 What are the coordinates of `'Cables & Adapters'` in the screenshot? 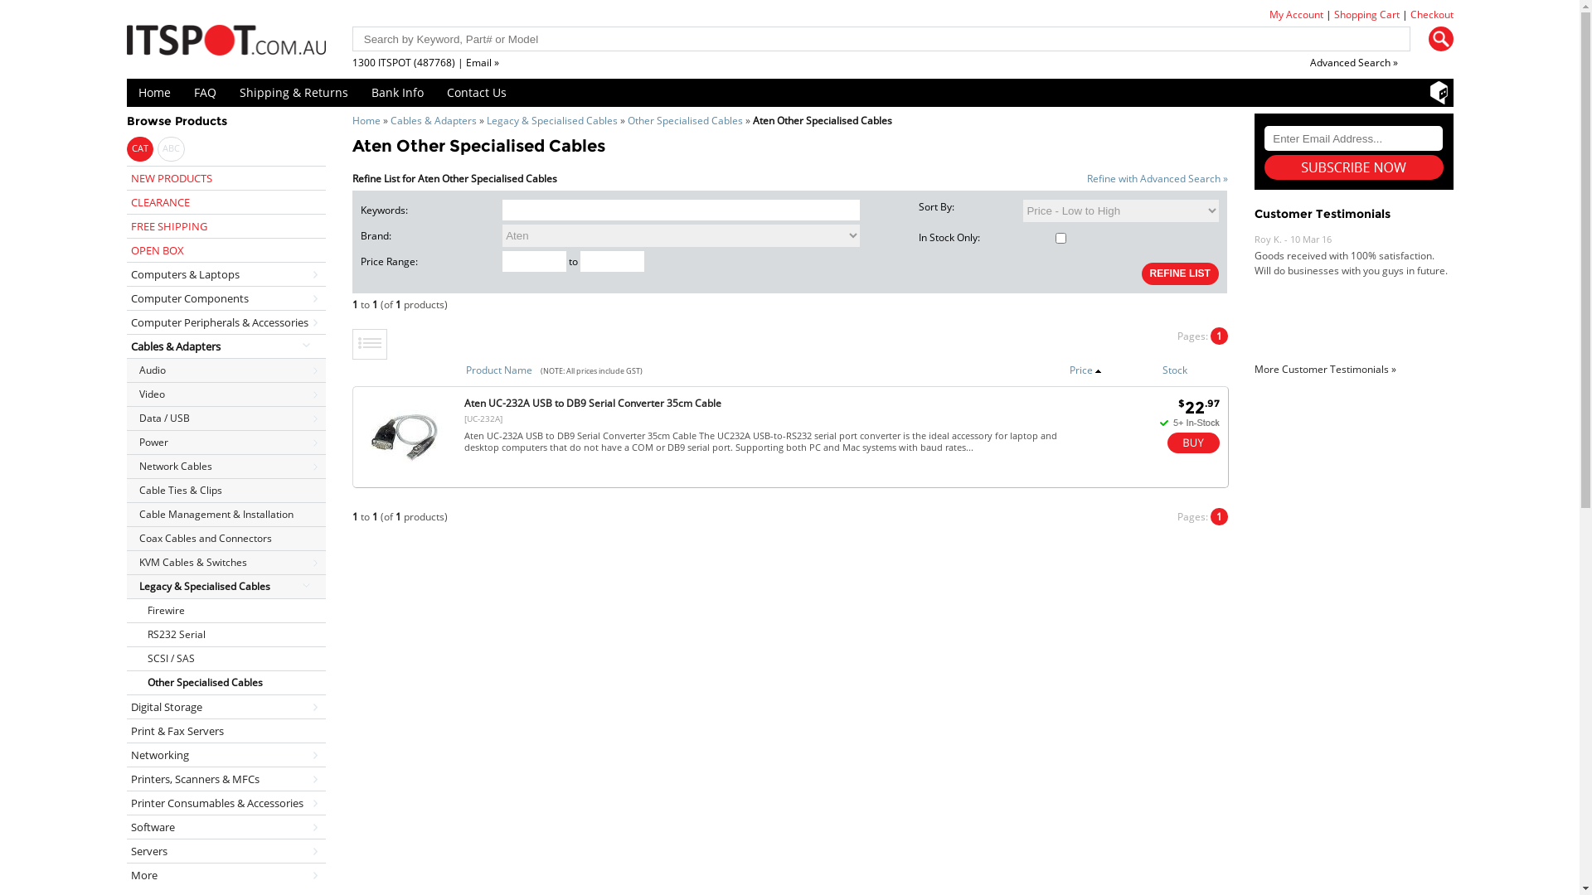 It's located at (125, 345).